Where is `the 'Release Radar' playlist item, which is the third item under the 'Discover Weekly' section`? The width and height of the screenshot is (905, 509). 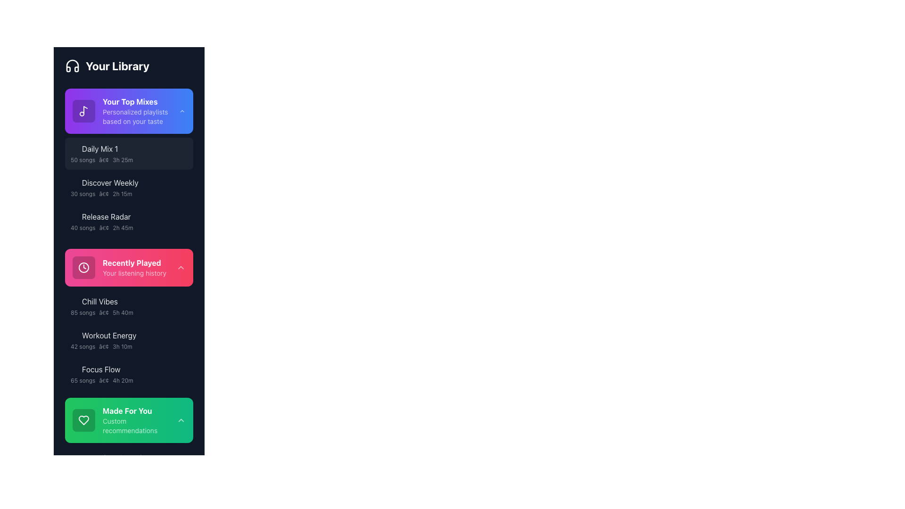 the 'Release Radar' playlist item, which is the third item under the 'Discover Weekly' section is located at coordinates (128, 222).